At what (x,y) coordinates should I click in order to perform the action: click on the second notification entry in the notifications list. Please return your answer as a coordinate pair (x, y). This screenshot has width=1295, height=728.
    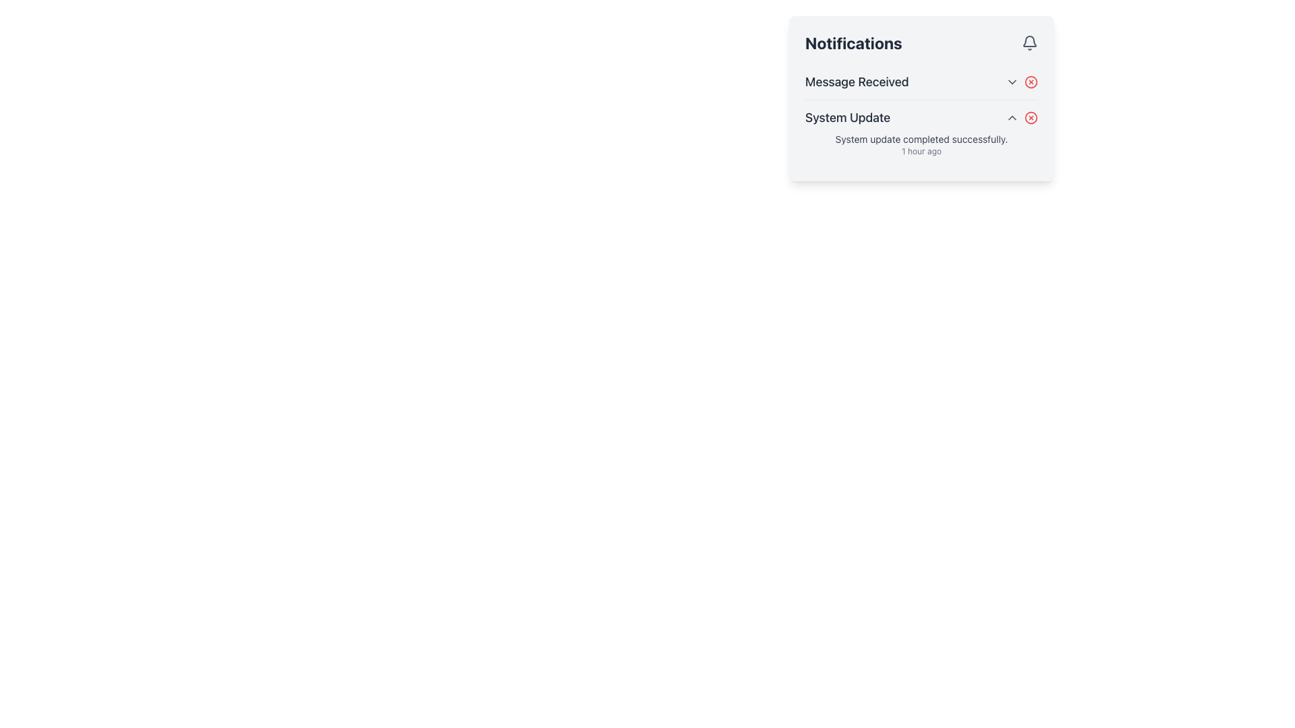
    Looking at the image, I should click on (921, 114).